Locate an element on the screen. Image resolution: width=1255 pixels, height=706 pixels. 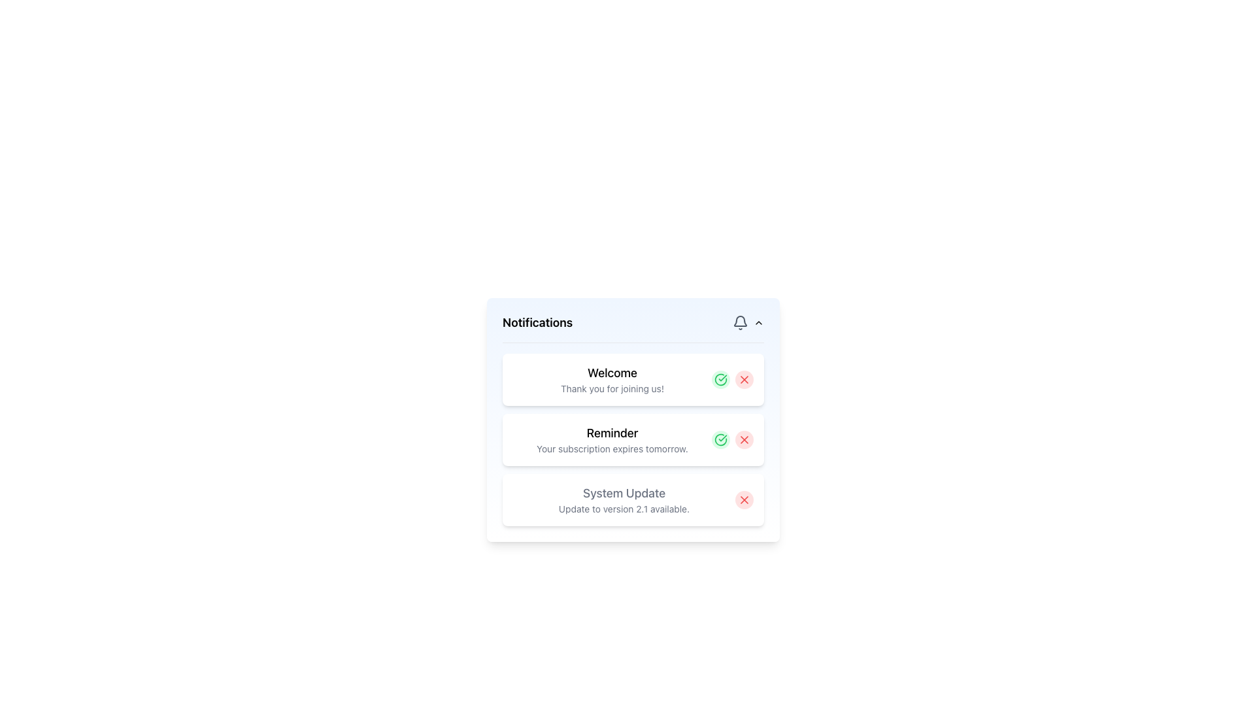
the cross button located in the upper-right corner of the 'Welcome' notification card is located at coordinates (744, 380).